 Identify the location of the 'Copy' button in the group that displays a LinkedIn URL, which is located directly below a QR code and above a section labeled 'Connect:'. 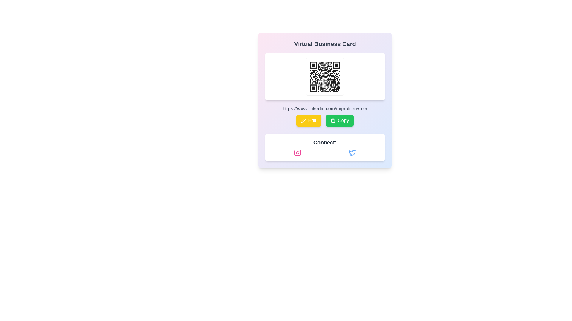
(324, 116).